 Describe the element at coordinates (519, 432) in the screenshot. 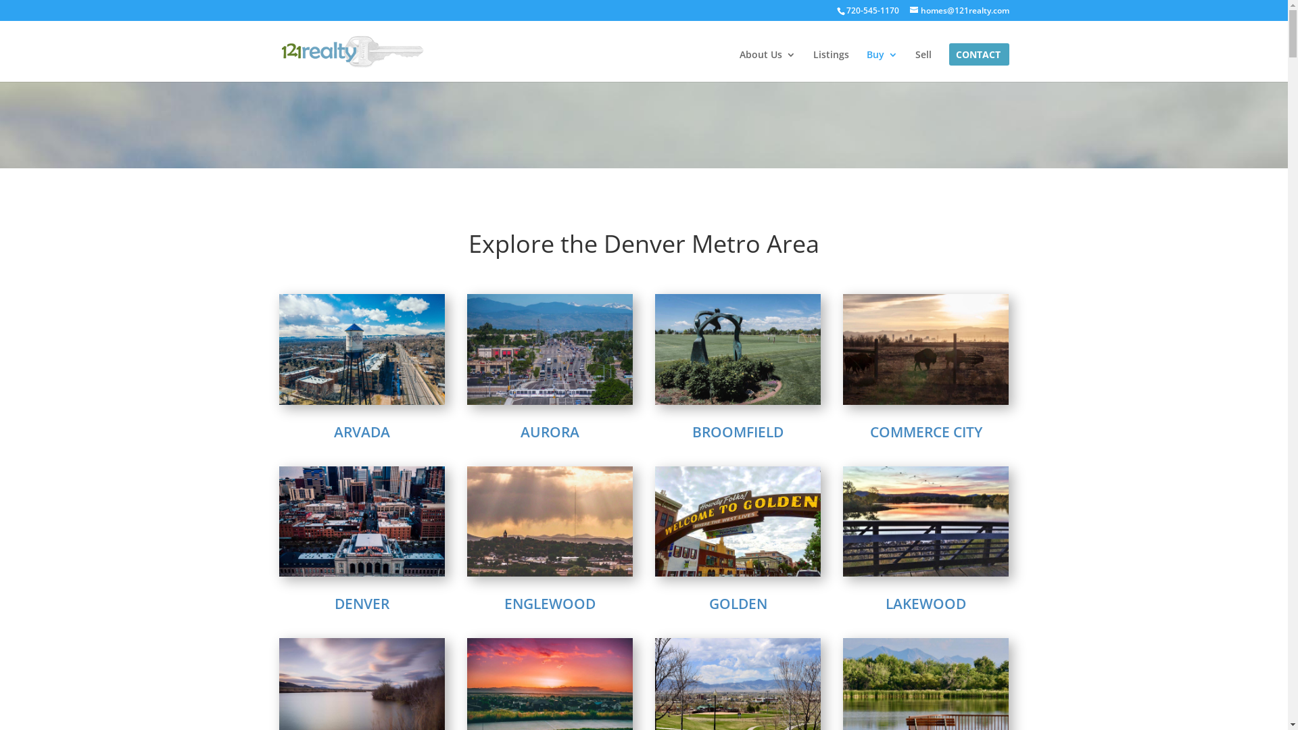

I see `'AURORA'` at that location.